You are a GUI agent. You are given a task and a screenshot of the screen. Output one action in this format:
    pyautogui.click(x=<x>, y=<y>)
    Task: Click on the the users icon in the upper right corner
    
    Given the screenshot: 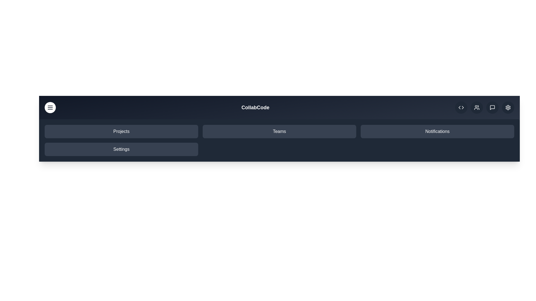 What is the action you would take?
    pyautogui.click(x=477, y=107)
    